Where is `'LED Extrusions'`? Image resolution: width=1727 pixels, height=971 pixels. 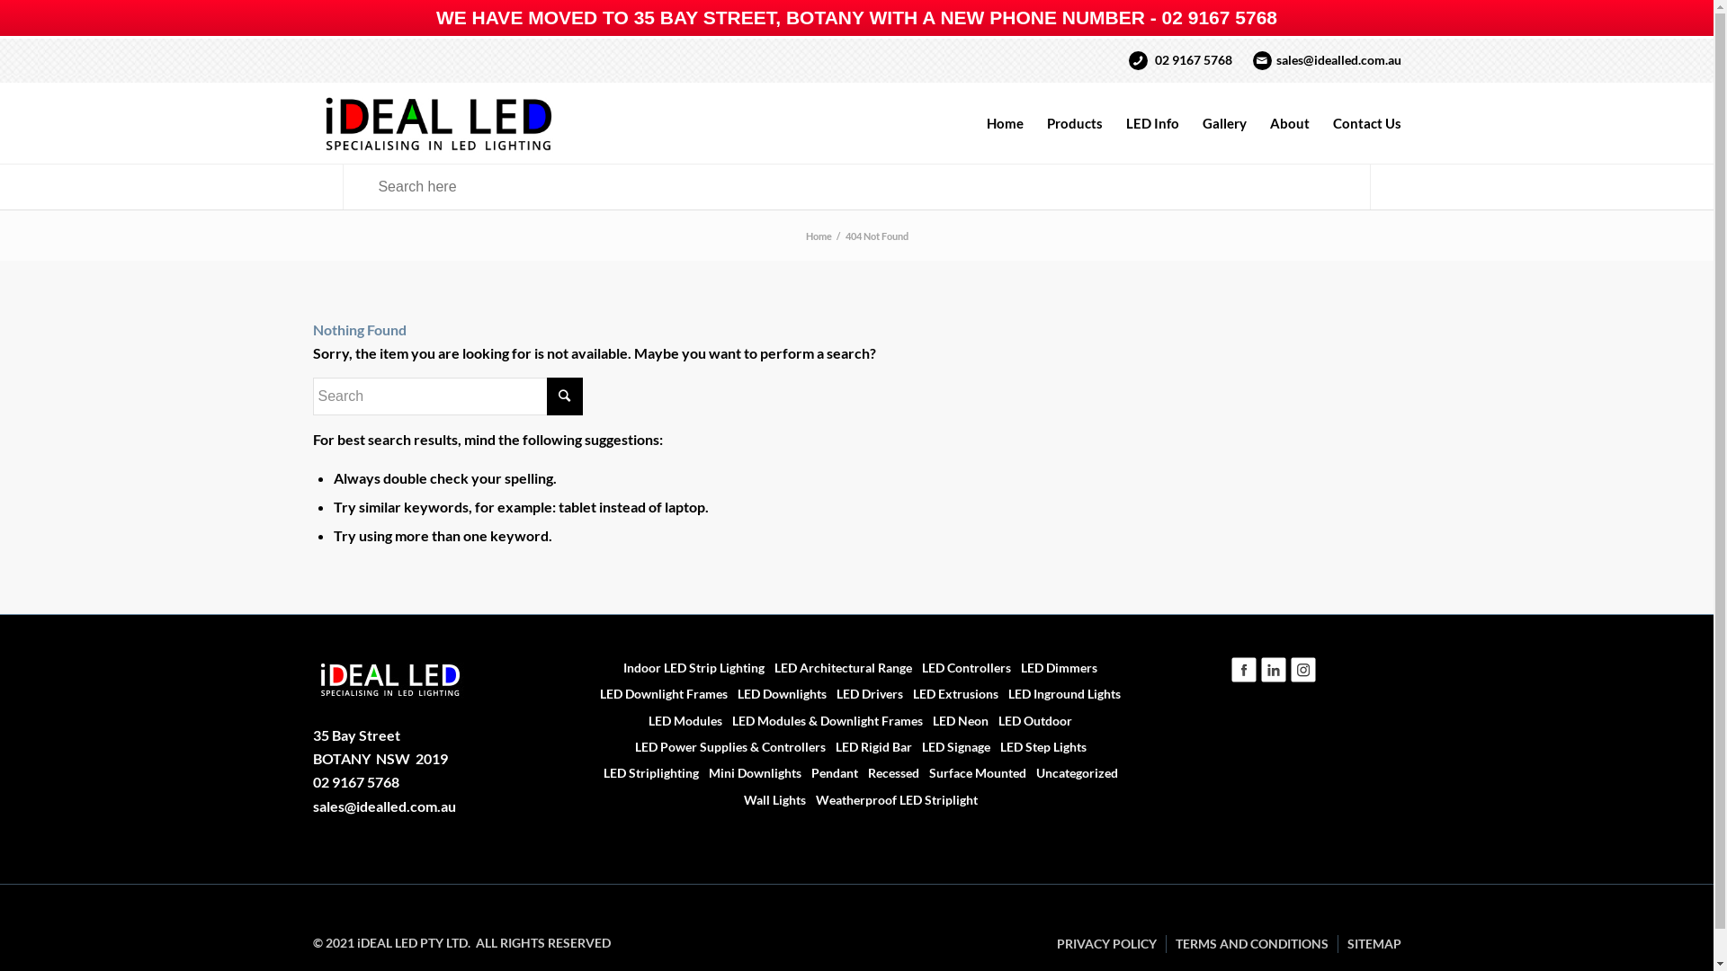
'LED Extrusions' is located at coordinates (950, 692).